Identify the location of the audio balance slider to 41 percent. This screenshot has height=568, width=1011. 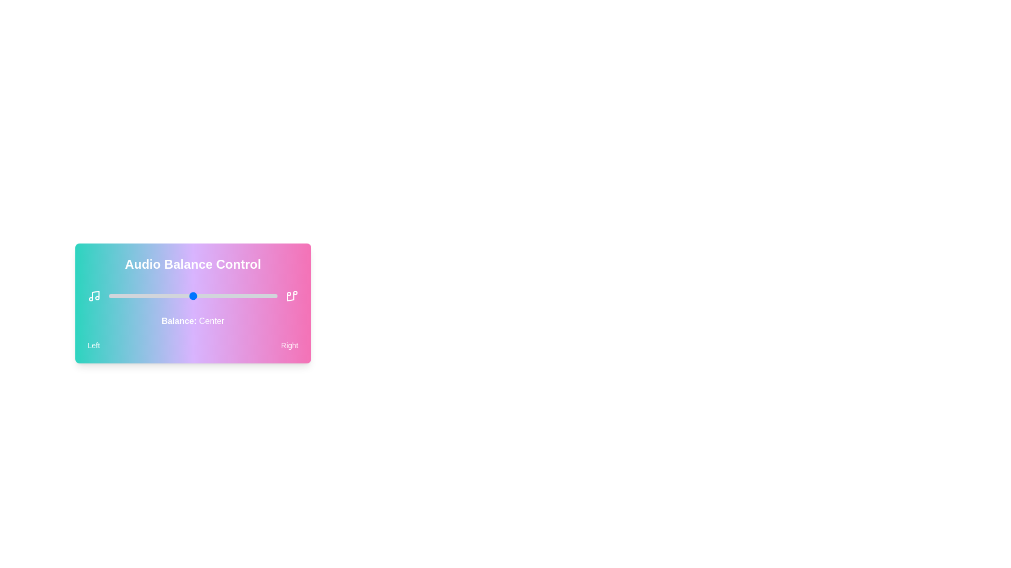
(177, 296).